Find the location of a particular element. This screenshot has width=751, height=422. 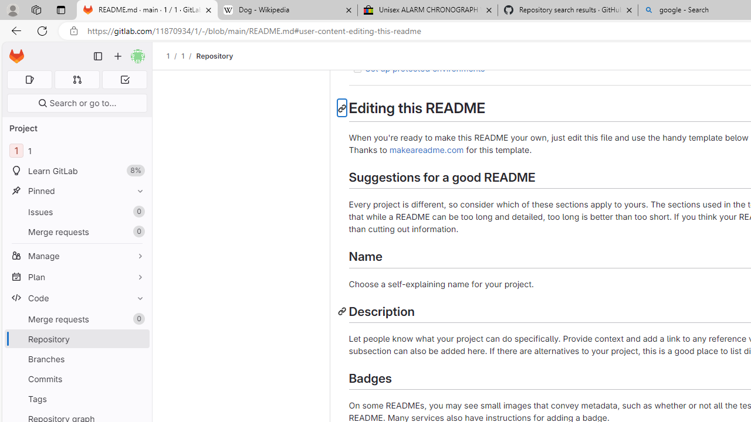

'Branches' is located at coordinates (76, 358).